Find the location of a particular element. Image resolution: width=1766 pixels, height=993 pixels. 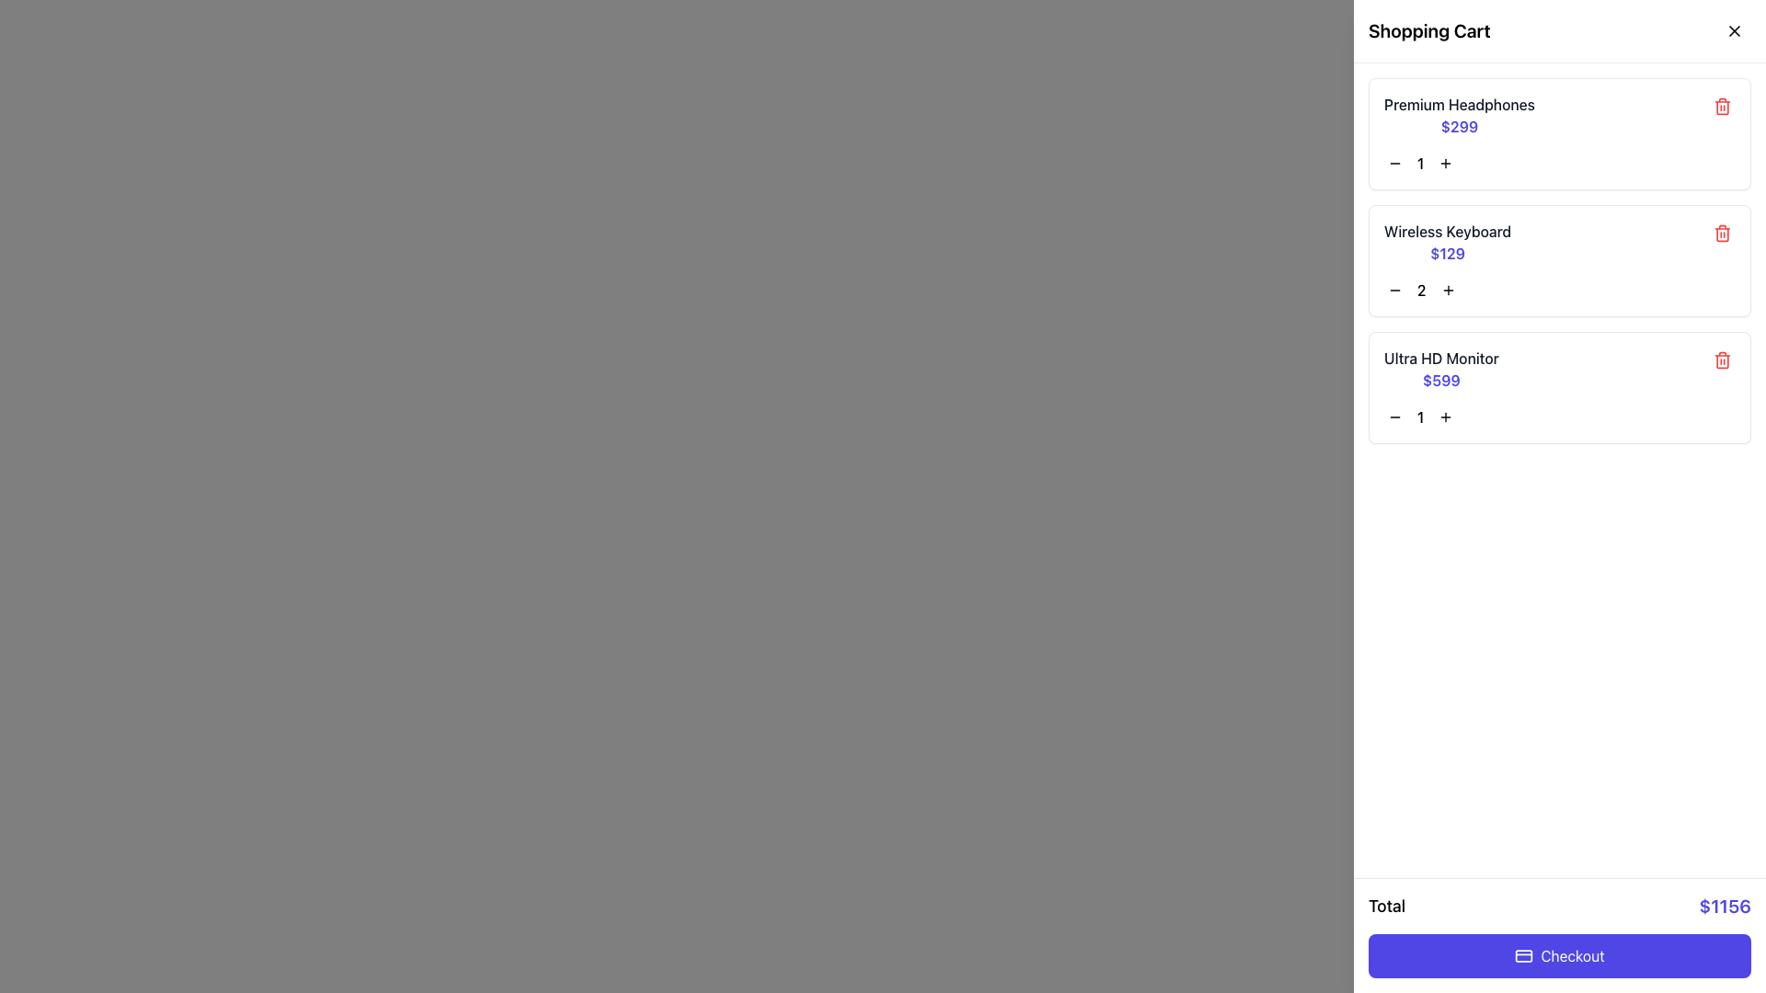

the 'Checkout' text label, which indicates the primary action for completing the shopping process within the button located at the bottom of the shopping cart interface is located at coordinates (1571, 955).